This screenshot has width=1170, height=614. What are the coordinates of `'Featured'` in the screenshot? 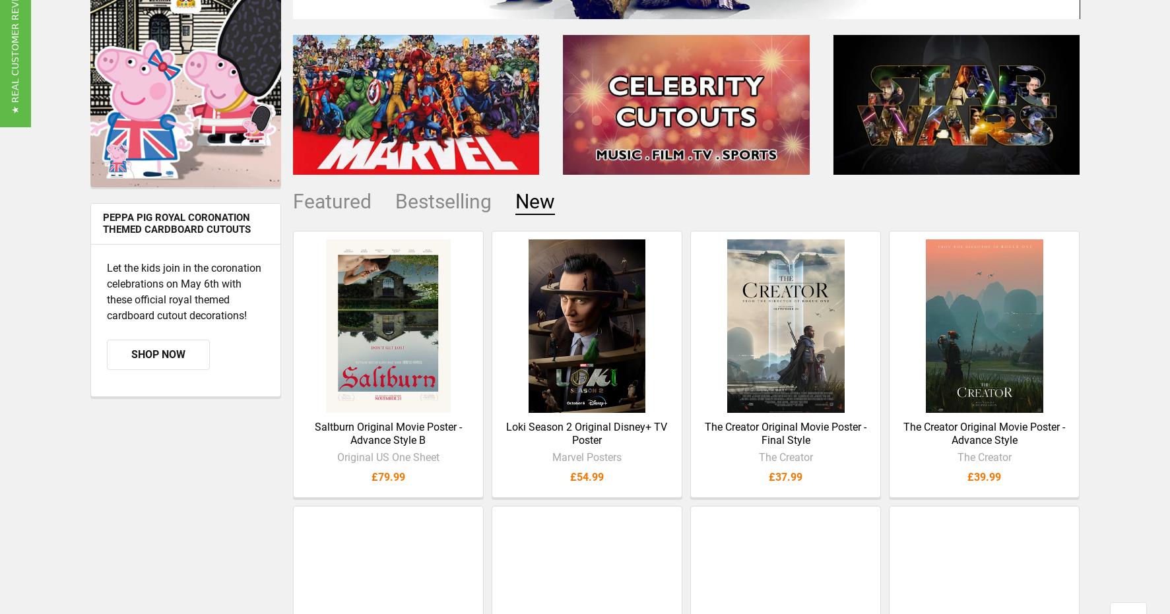 It's located at (331, 211).